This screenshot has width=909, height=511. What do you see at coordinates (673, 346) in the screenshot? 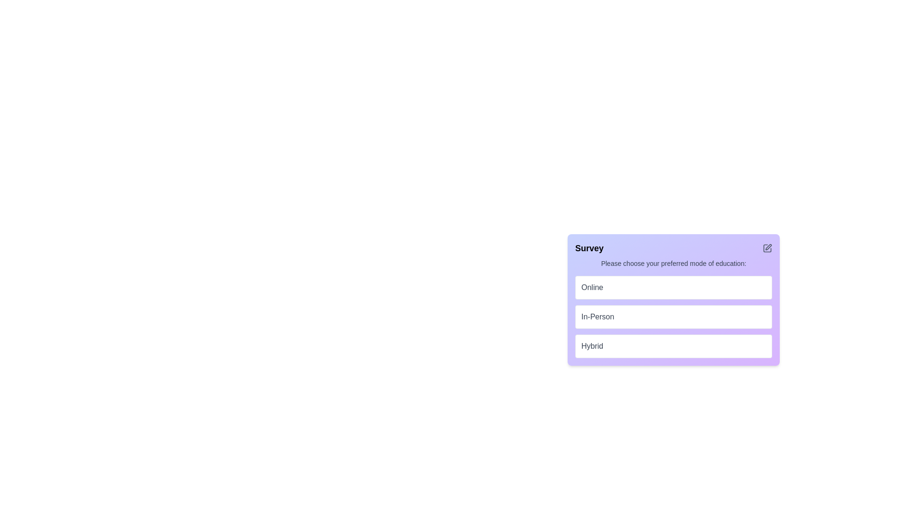
I see `the third selectable option in the vertical list for choosing the 'Hybrid' mode of education to trigger style changes` at bounding box center [673, 346].